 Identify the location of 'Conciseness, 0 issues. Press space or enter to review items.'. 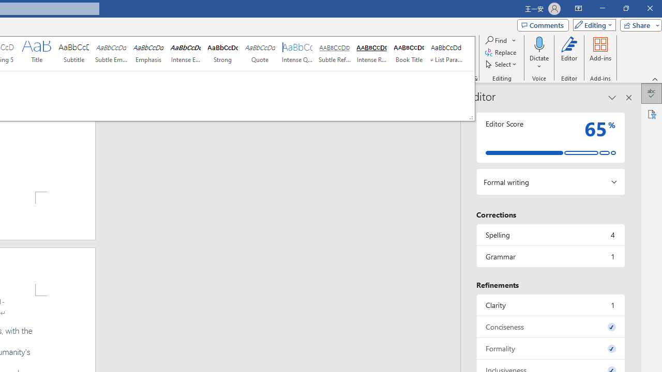
(550, 327).